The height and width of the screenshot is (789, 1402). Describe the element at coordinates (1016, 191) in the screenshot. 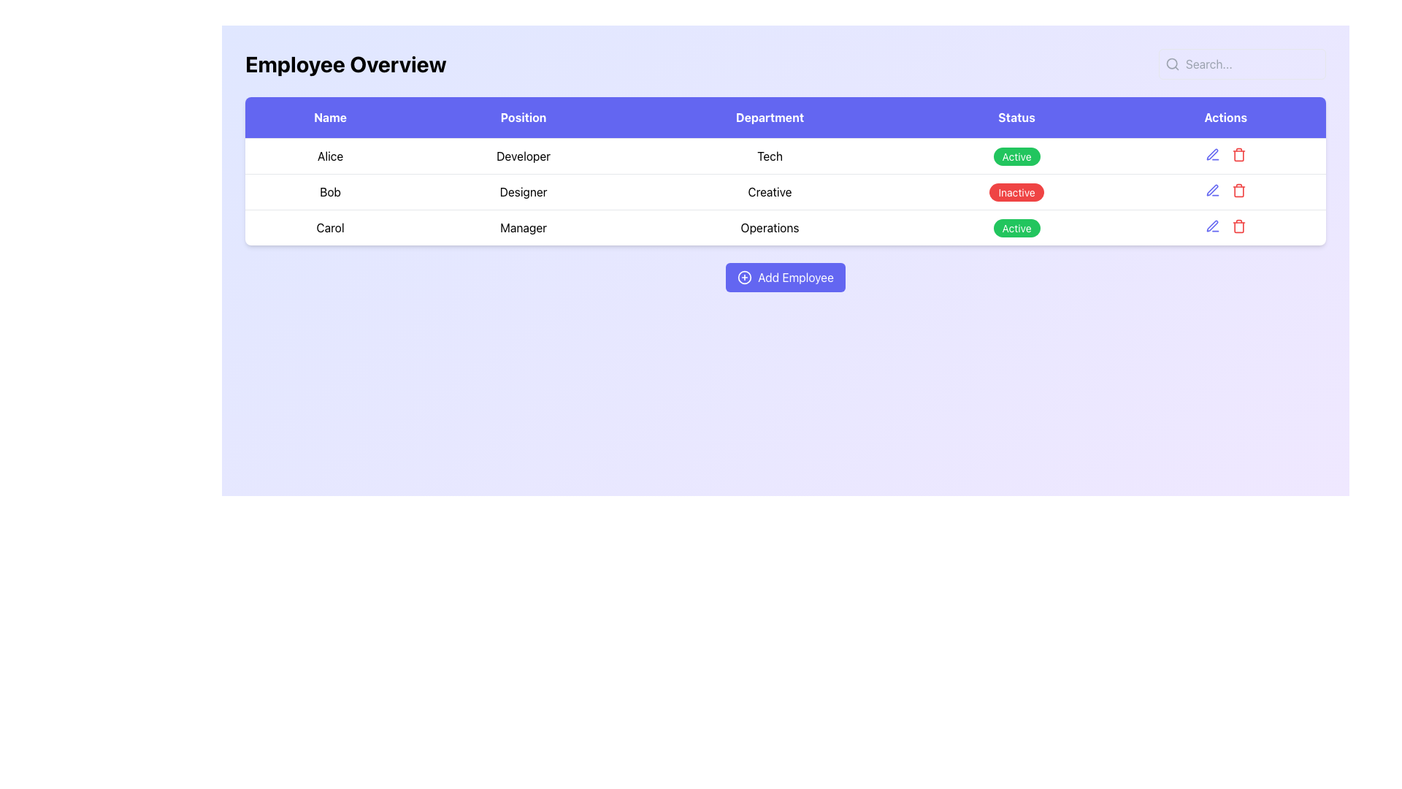

I see `the small oval-shaped red button with the text 'Inactive' located in the second row of the 'Employee Overview' table, specifically in the 'Status' column for the employee named 'Bob'` at that location.